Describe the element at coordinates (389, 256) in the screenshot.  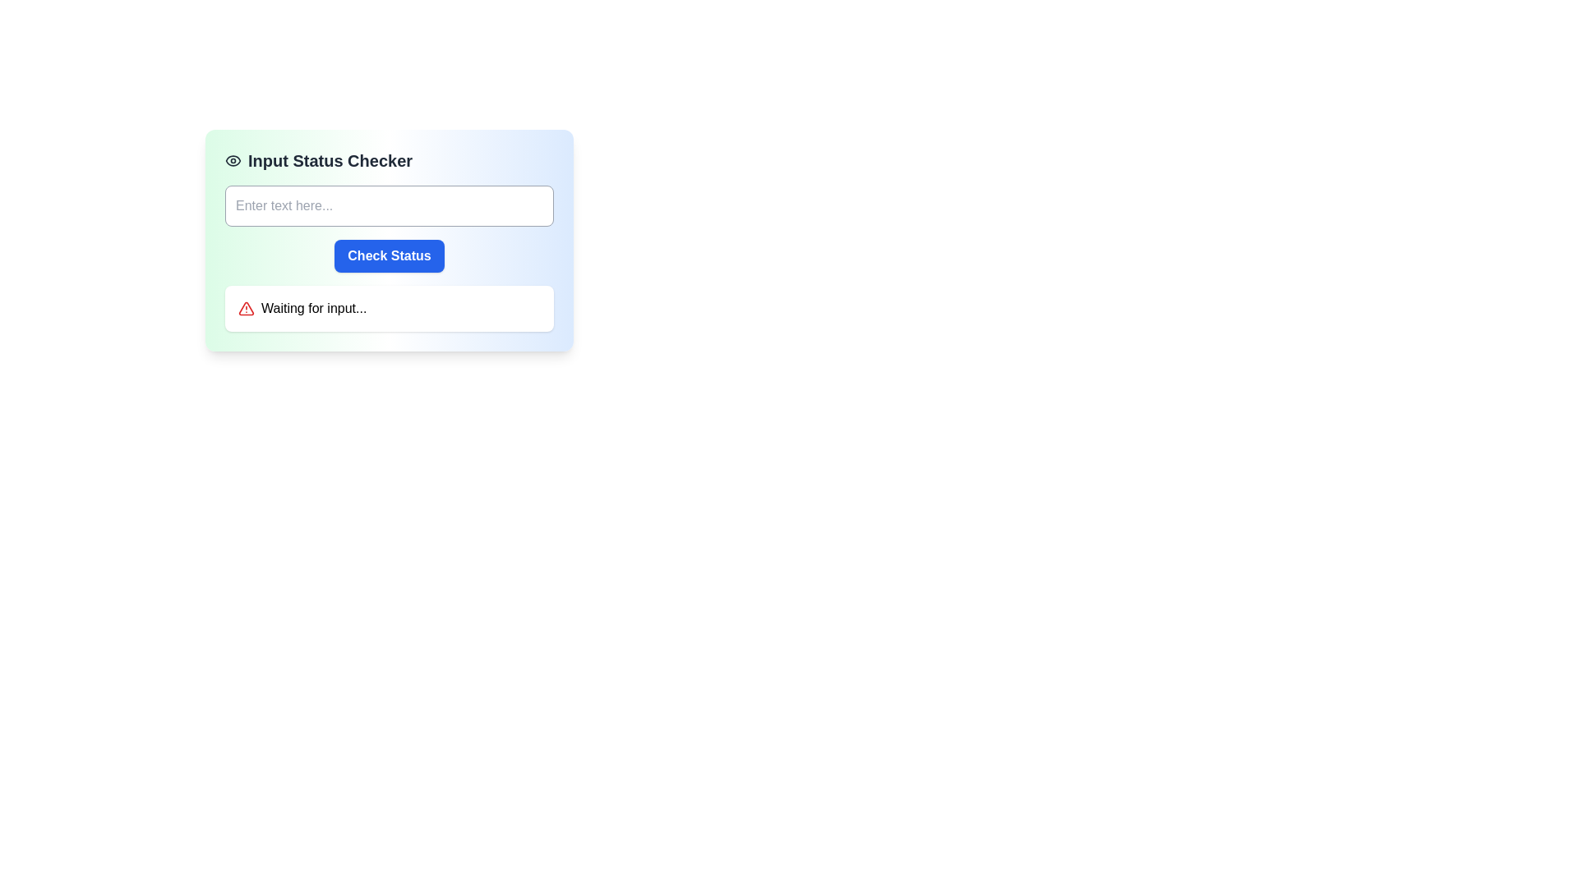
I see `the 'Check Status' button, which is a rounded rectangular button with white text on a blue background, located below the text input field in the 'Input Status Checker' interface` at that location.